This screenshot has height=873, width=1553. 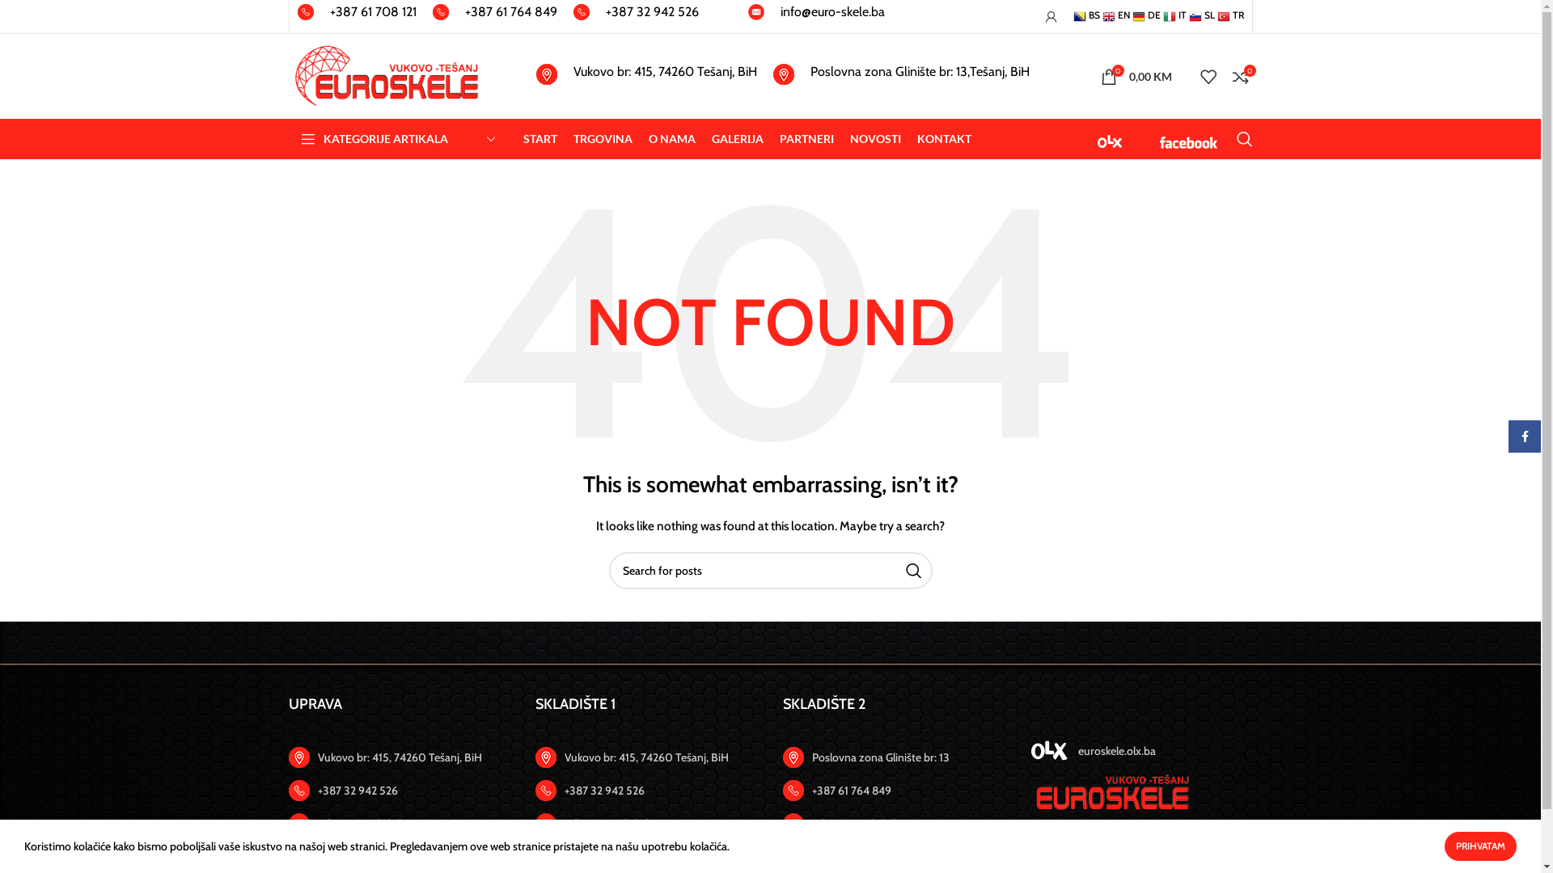 What do you see at coordinates (1049, 751) in the screenshot?
I see `'olxlogobijeli'` at bounding box center [1049, 751].